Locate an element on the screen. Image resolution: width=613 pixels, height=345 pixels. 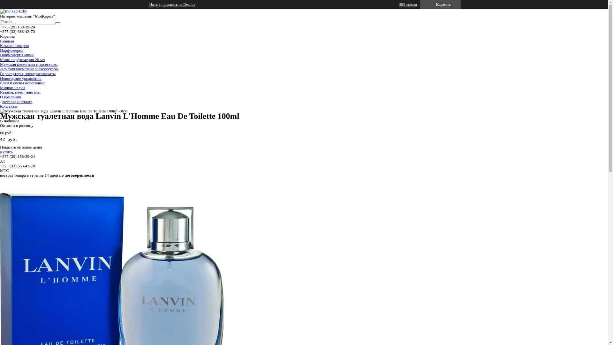
'moikapriz.by' is located at coordinates (0, 11).